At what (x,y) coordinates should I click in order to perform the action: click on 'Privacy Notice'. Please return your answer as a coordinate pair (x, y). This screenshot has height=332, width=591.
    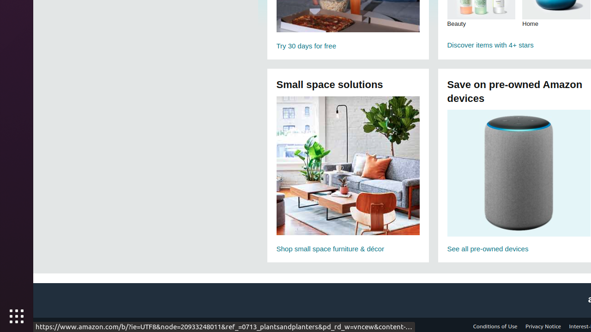
    Looking at the image, I should click on (543, 326).